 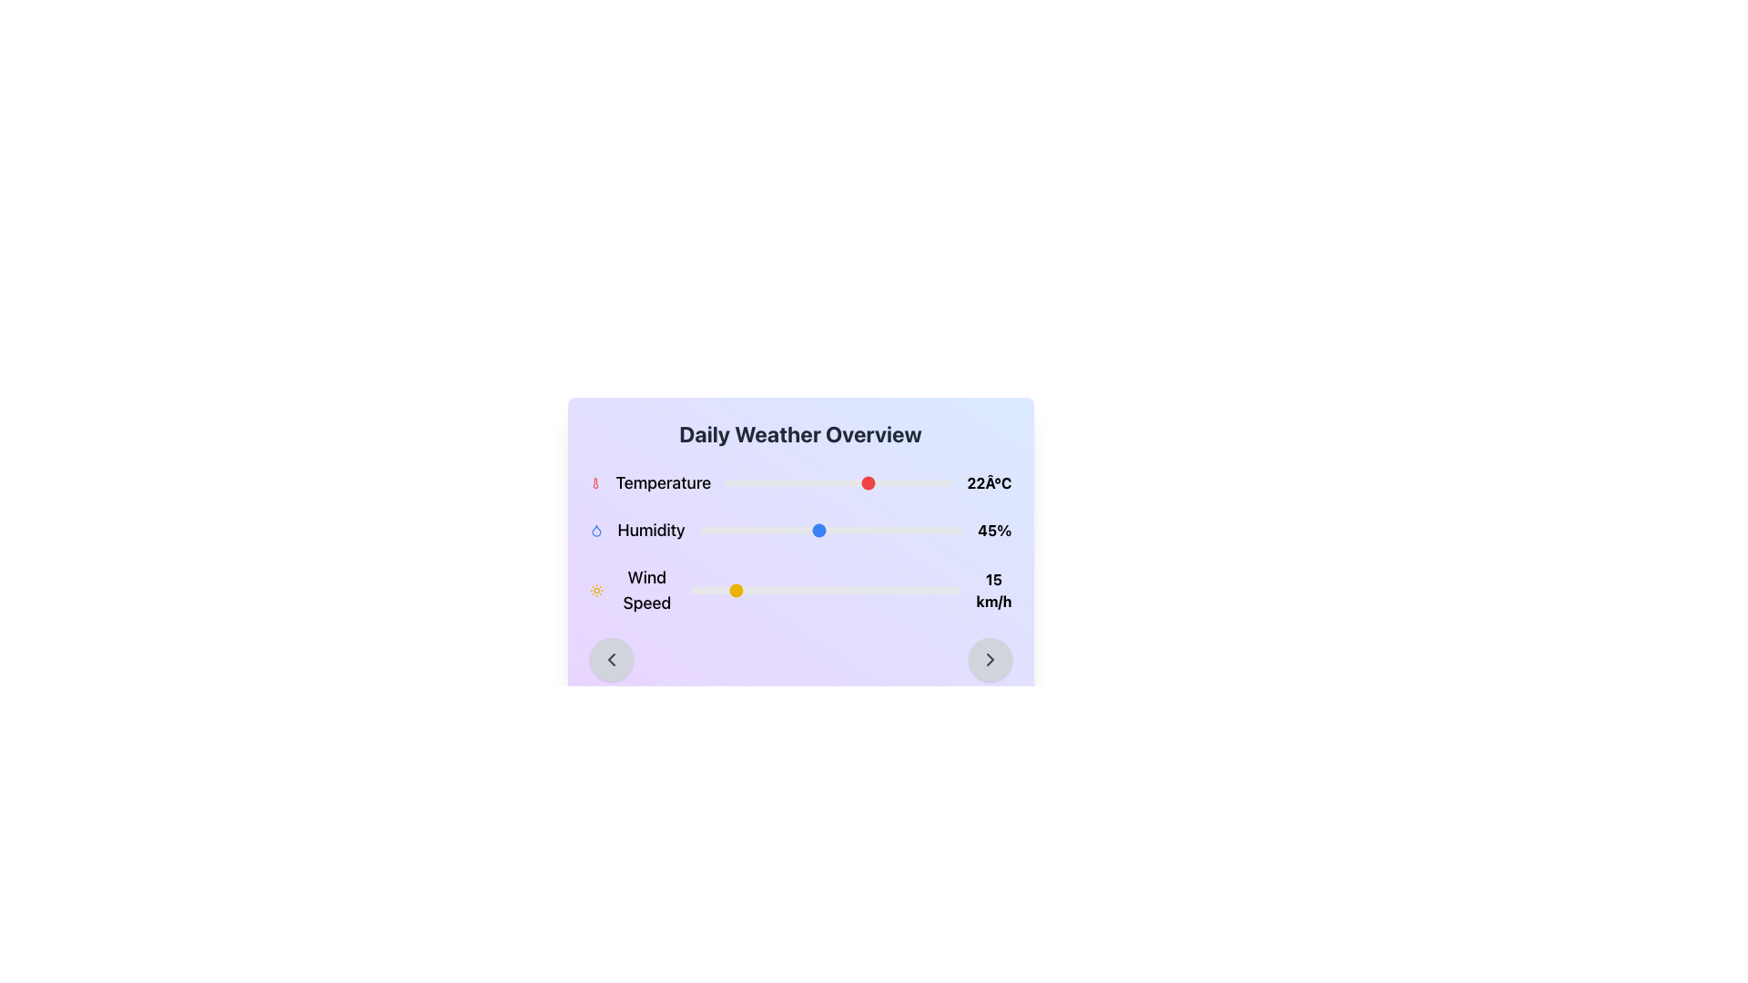 What do you see at coordinates (838, 482) in the screenshot?
I see `the temperature slider component, which is a horizontally oriented input type 'range' styled with a light gray body and a red circular handle, located prominently in the top section of the weather overview card` at bounding box center [838, 482].